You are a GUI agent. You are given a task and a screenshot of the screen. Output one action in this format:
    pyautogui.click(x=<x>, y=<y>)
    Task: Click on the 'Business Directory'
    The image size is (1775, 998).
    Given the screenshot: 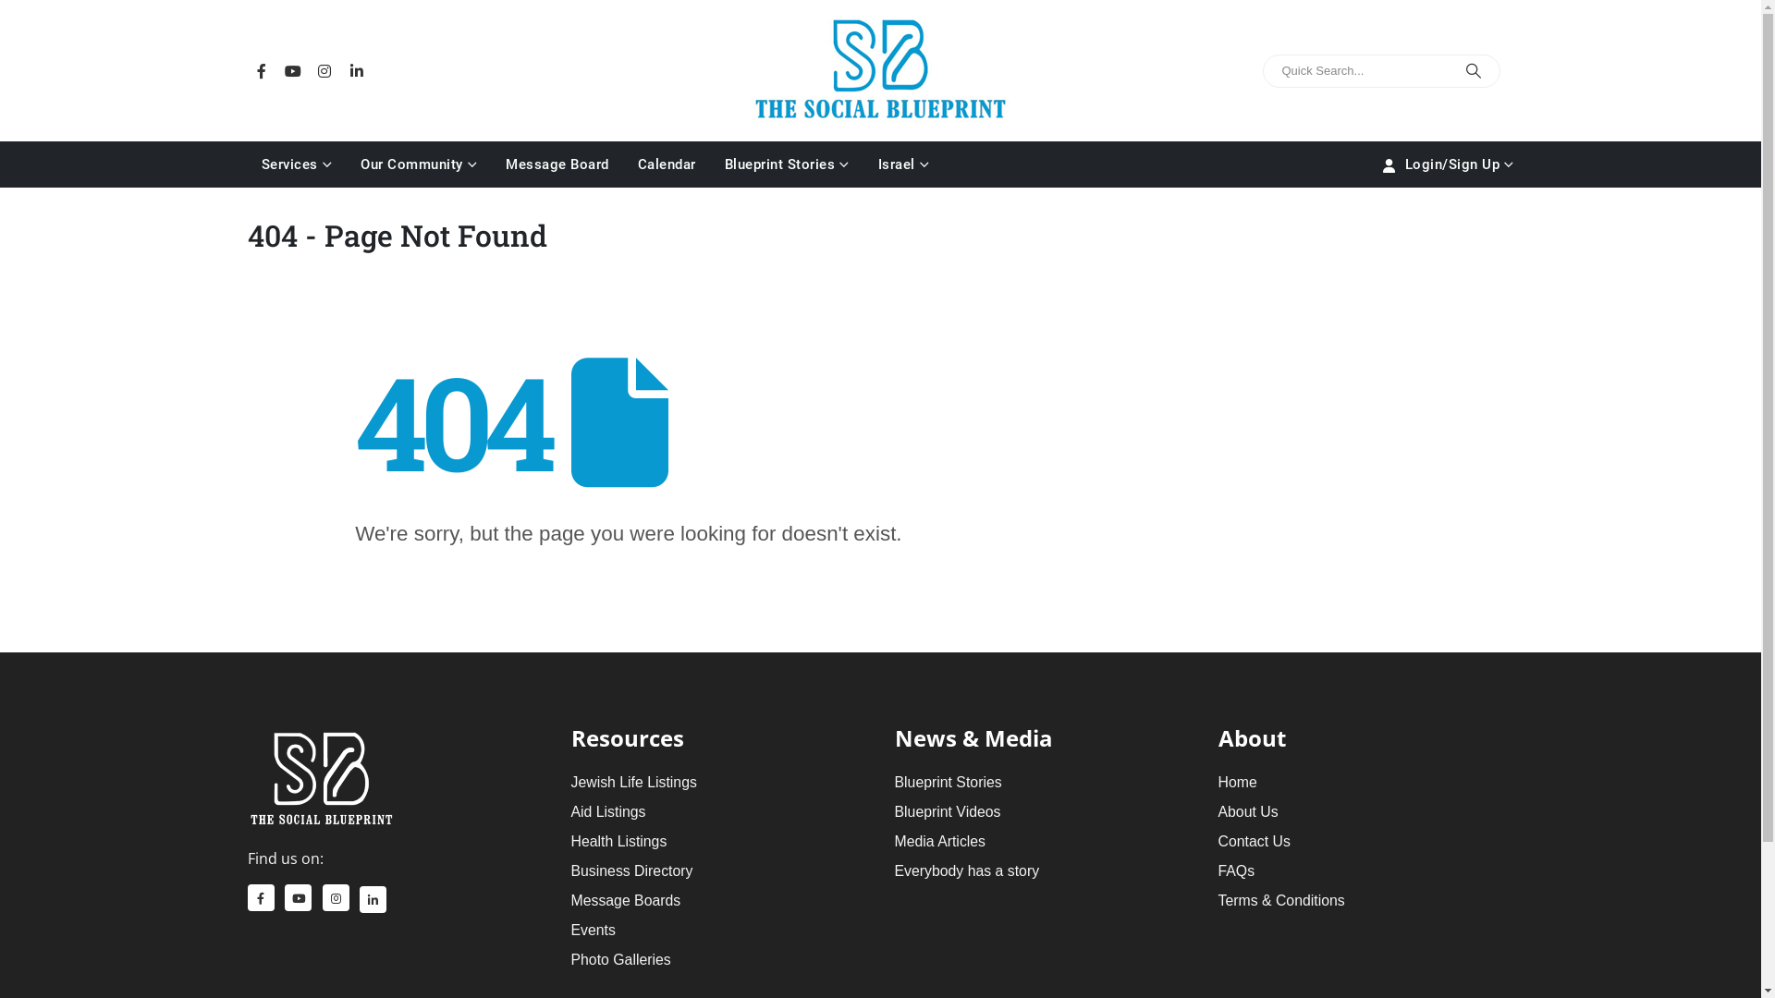 What is the action you would take?
    pyautogui.click(x=570, y=870)
    